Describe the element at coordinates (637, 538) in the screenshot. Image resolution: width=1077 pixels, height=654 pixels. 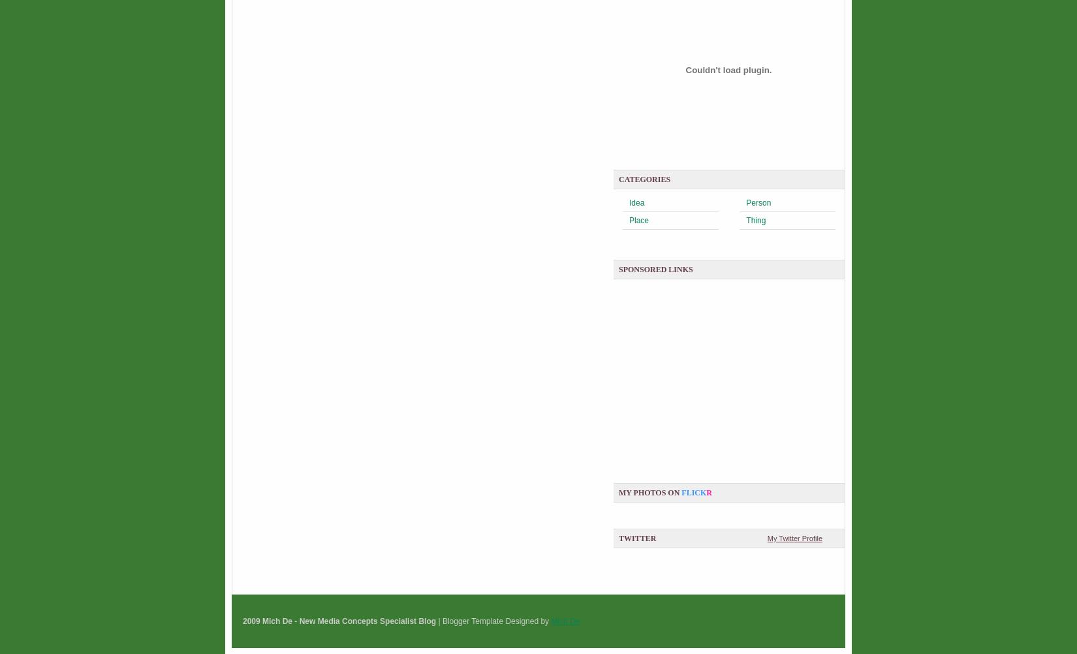
I see `'Twitter'` at that location.